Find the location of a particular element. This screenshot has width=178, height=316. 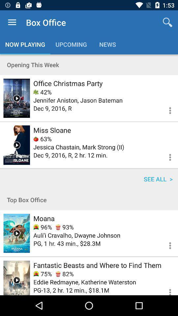

the movie trailer is located at coordinates (16, 145).